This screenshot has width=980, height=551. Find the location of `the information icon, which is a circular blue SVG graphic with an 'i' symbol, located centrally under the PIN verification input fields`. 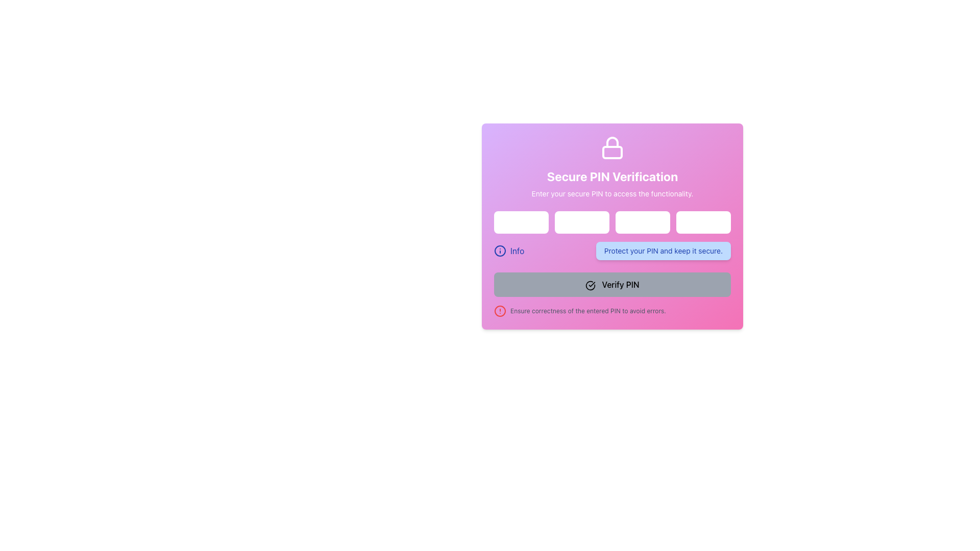

the information icon, which is a circular blue SVG graphic with an 'i' symbol, located centrally under the PIN verification input fields is located at coordinates (500, 251).